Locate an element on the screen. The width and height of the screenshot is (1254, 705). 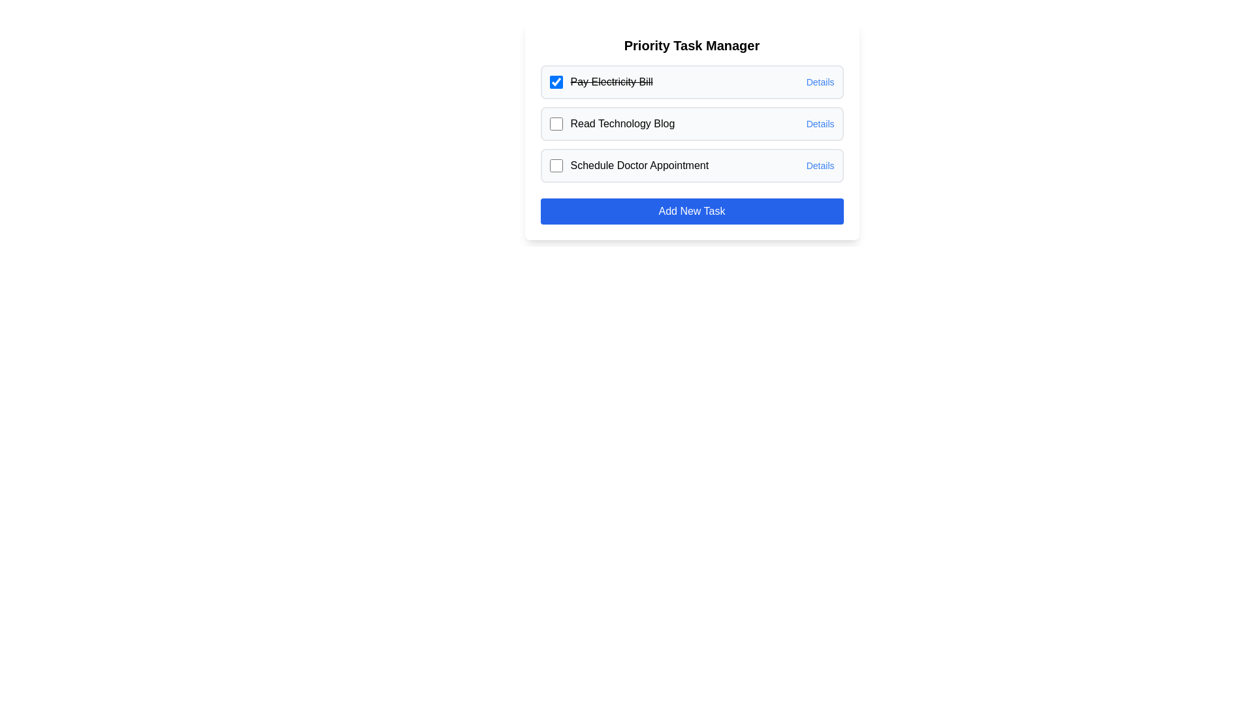
the 'Details' link for the task 'Read Technology Blog' is located at coordinates (820, 123).